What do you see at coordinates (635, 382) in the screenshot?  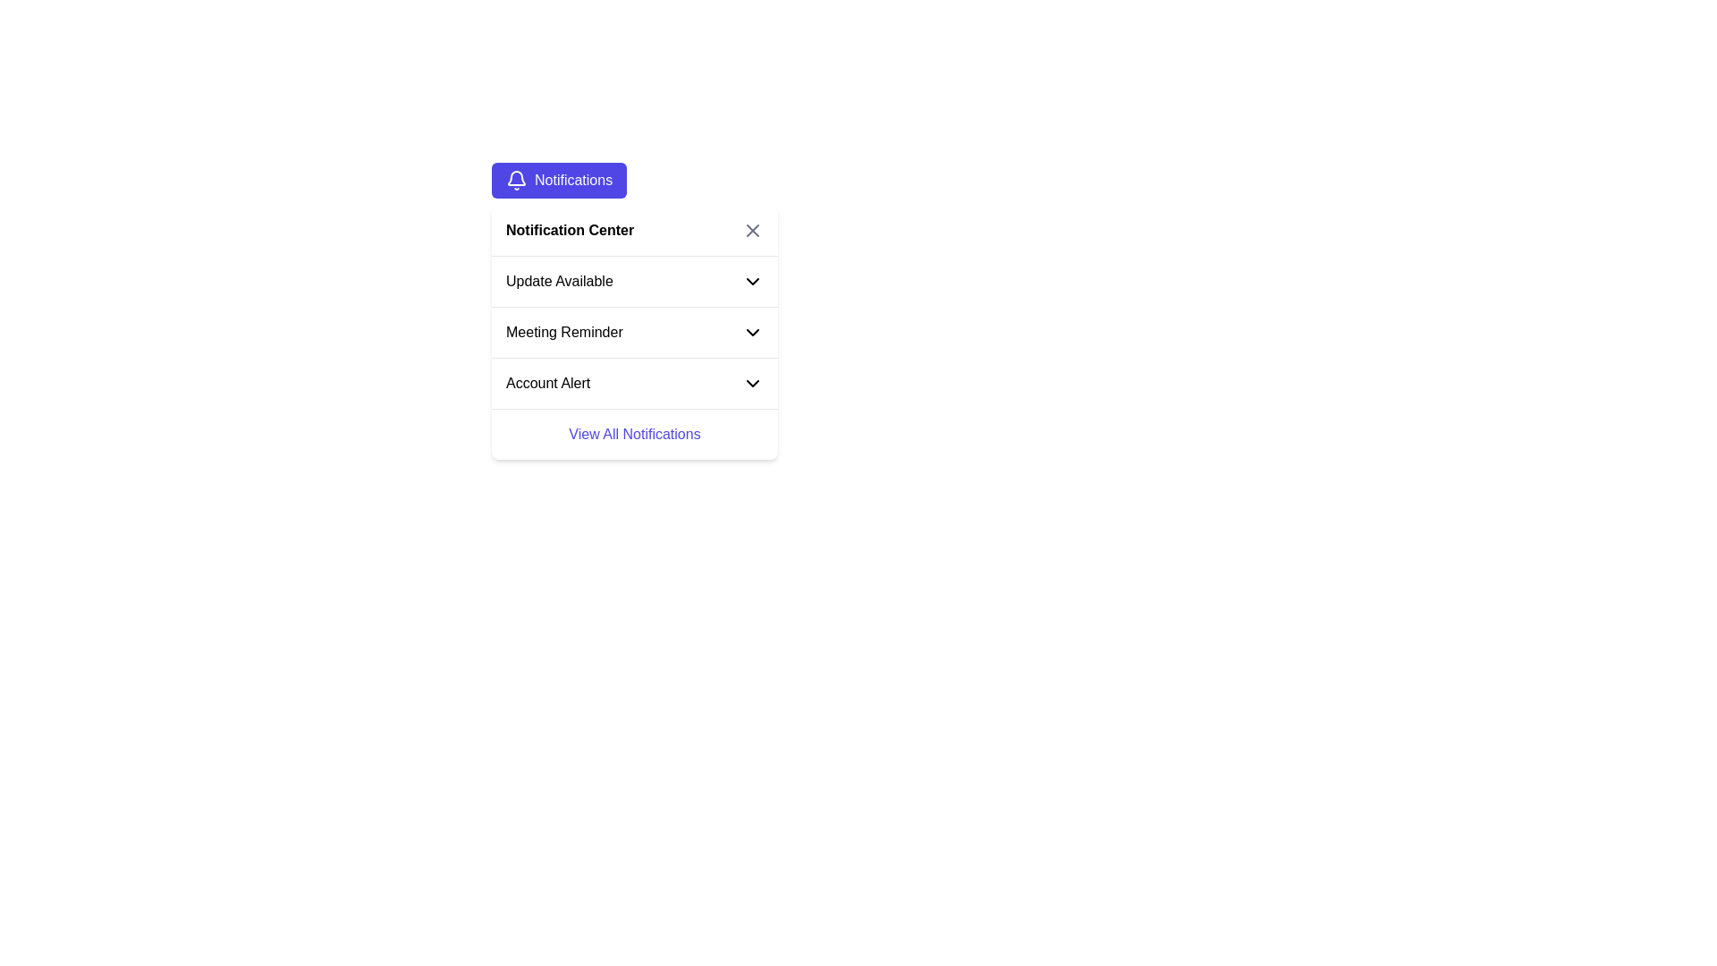 I see `the 'Account Alert' list item with dropdown` at bounding box center [635, 382].